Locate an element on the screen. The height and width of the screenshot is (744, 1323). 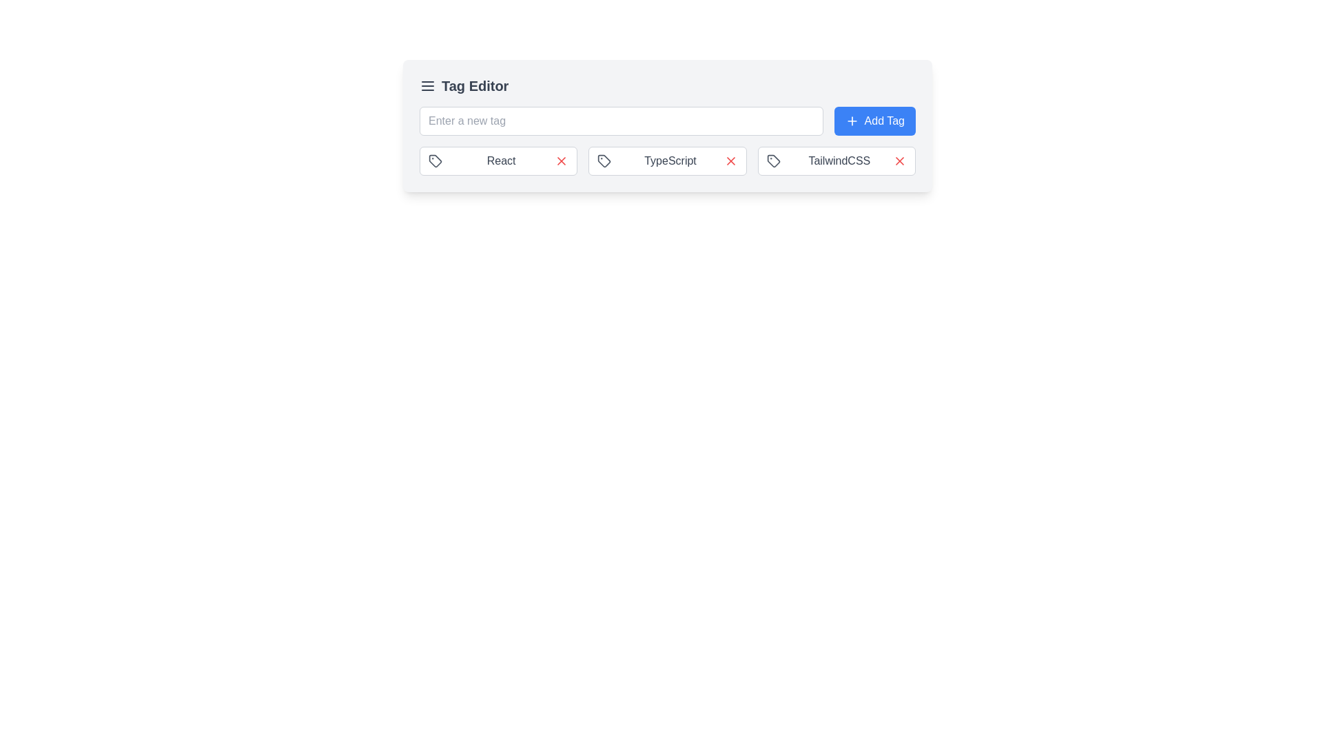
the icon button, which consists of three horizontally aligned lines in a stacked arrangement, located to the left of the 'Tag Editor' text in the header section is located at coordinates (427, 85).